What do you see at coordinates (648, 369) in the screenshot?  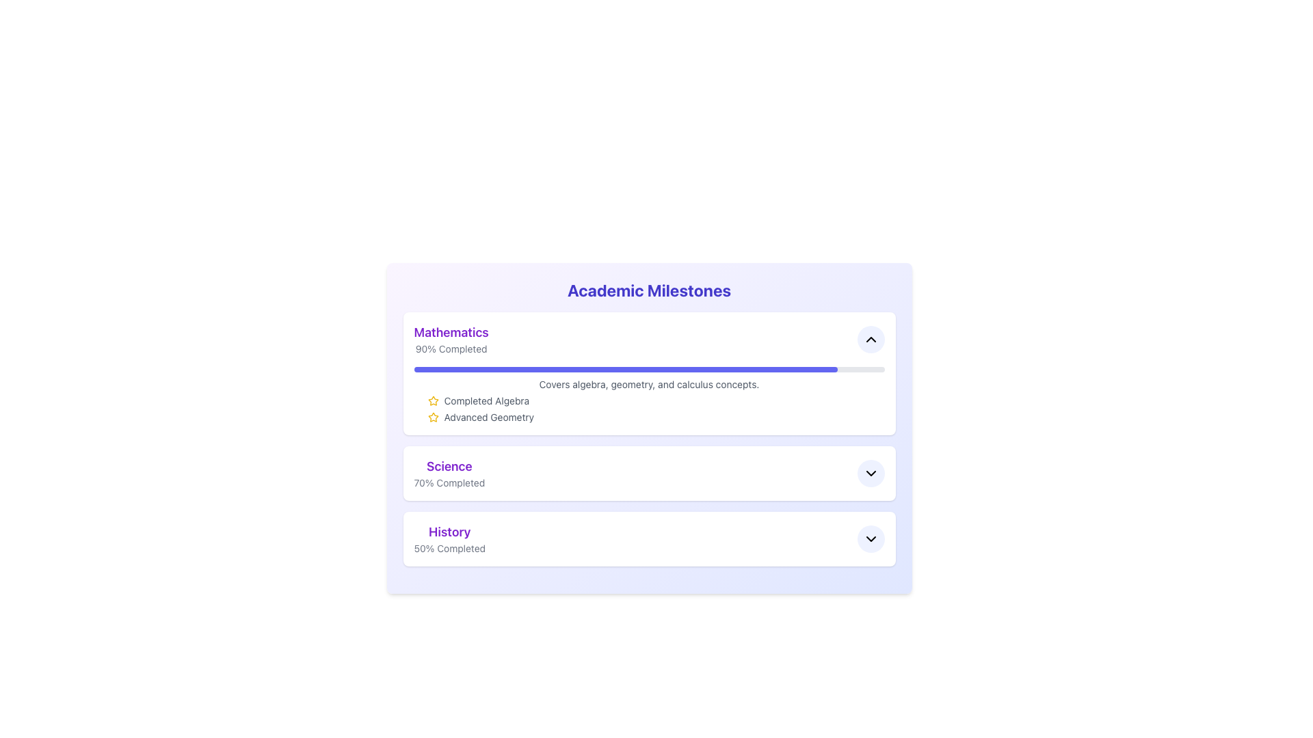 I see `the progress representation of the 'Mathematics' section, which indicates approximately 90% completion, located at the top of the content block under the heading 'Mathematics 90% Completed'` at bounding box center [648, 369].